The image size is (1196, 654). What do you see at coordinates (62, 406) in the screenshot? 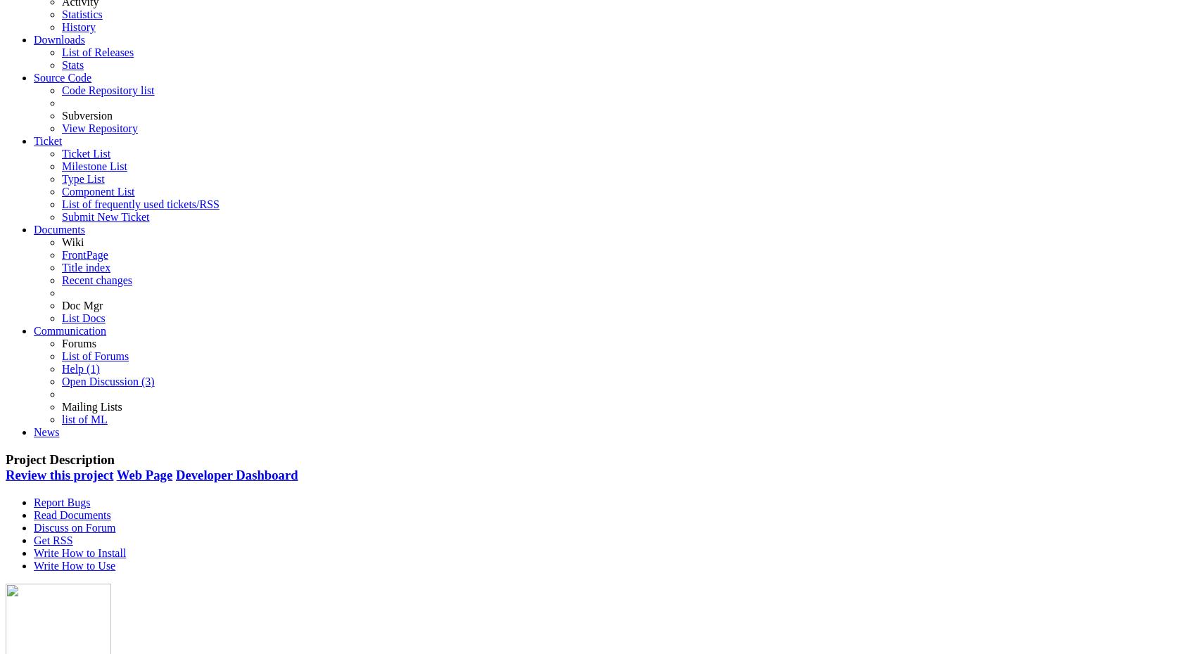
I see `'Mailing Lists'` at bounding box center [62, 406].